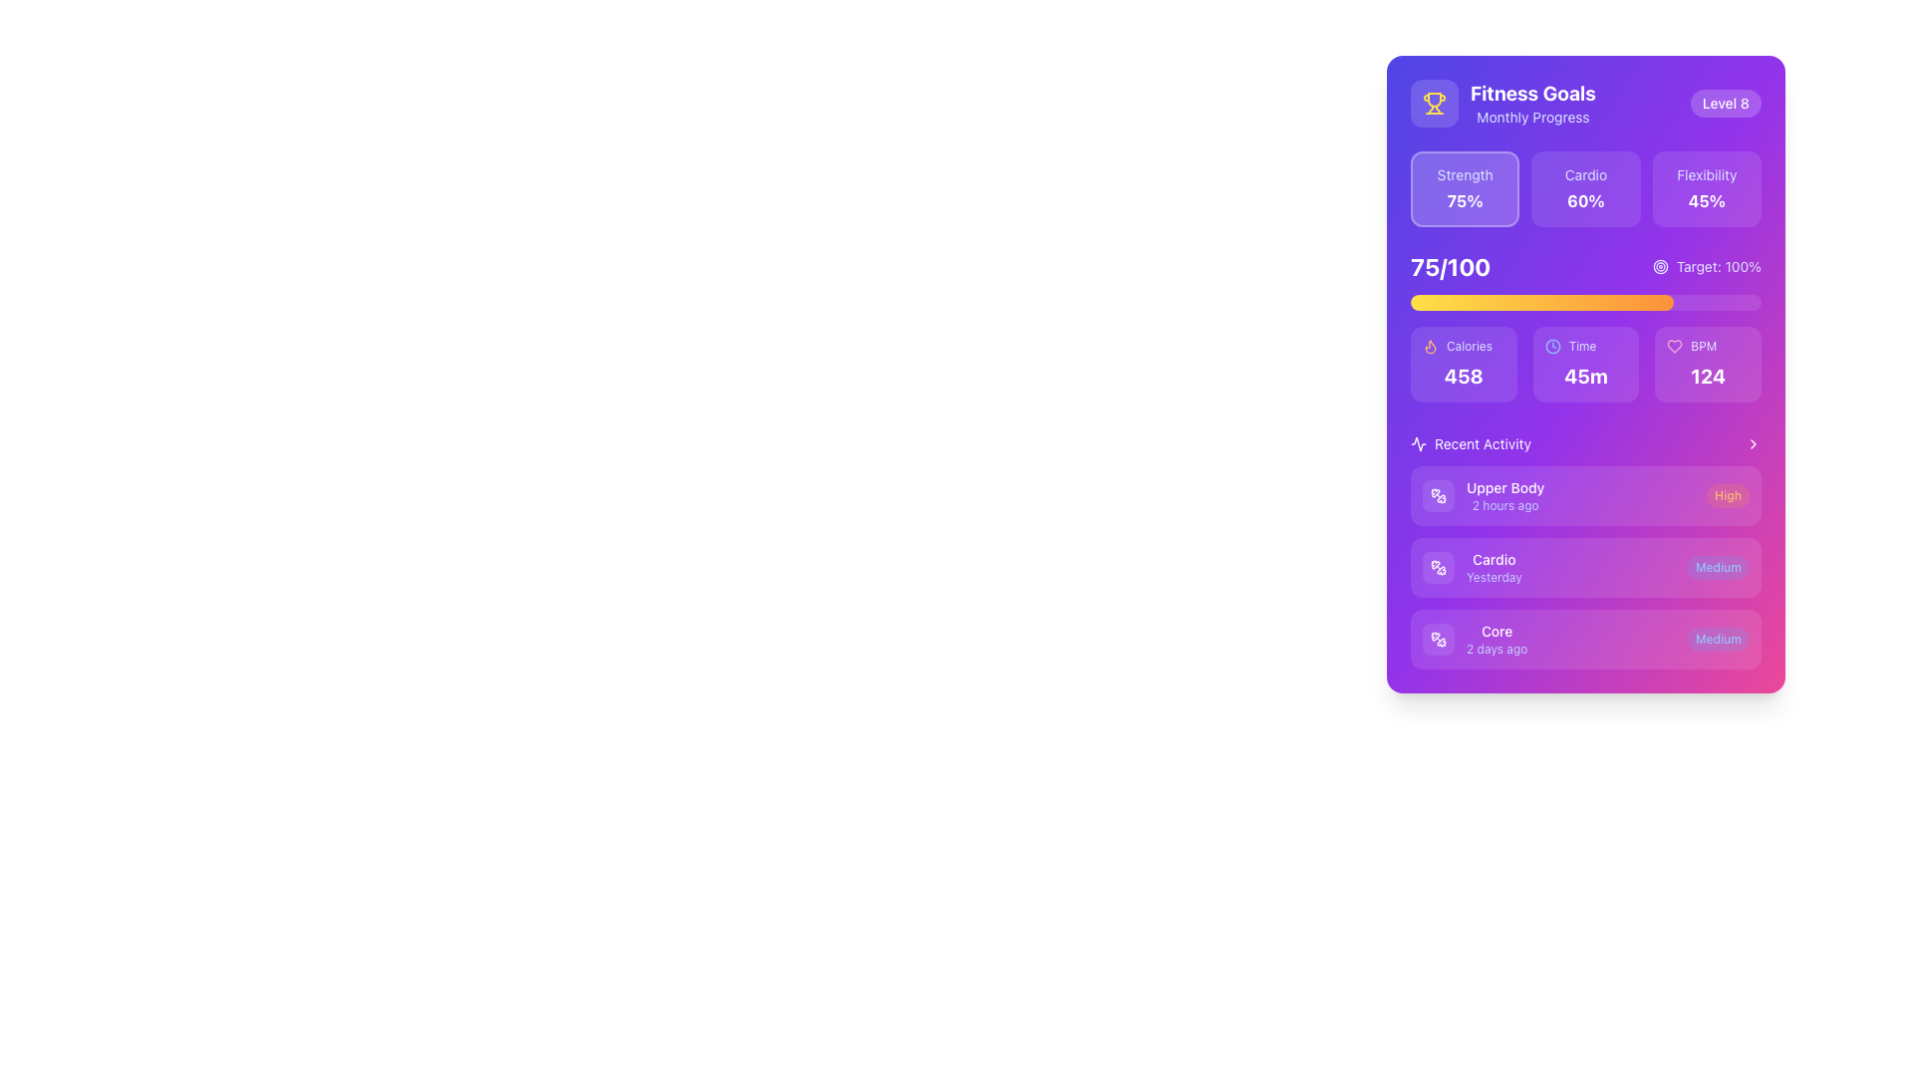  What do you see at coordinates (1706, 174) in the screenshot?
I see `text label located in the top-right section of the interface, which serves as a header indicating the type of data represented, positioned above the numeric value '45%'` at bounding box center [1706, 174].